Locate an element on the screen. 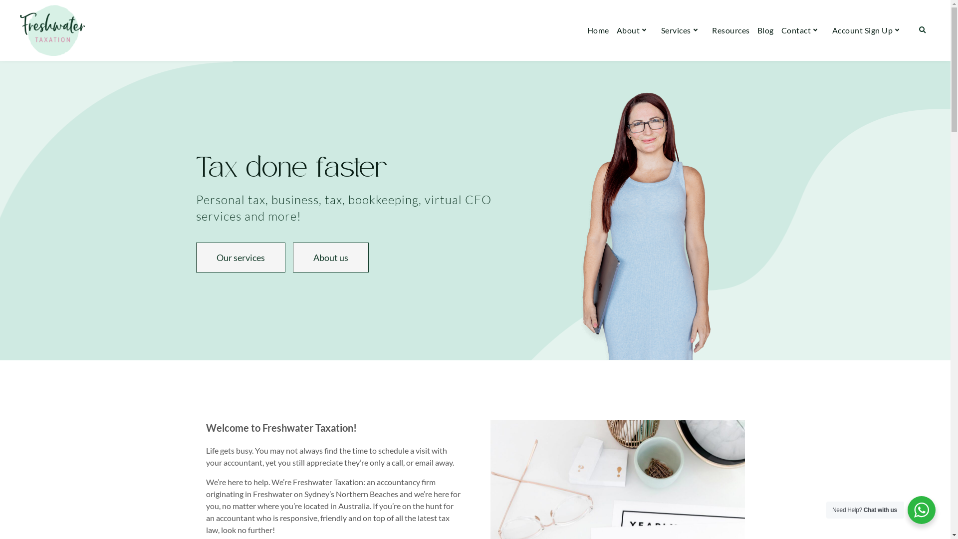  'About' is located at coordinates (616, 30).